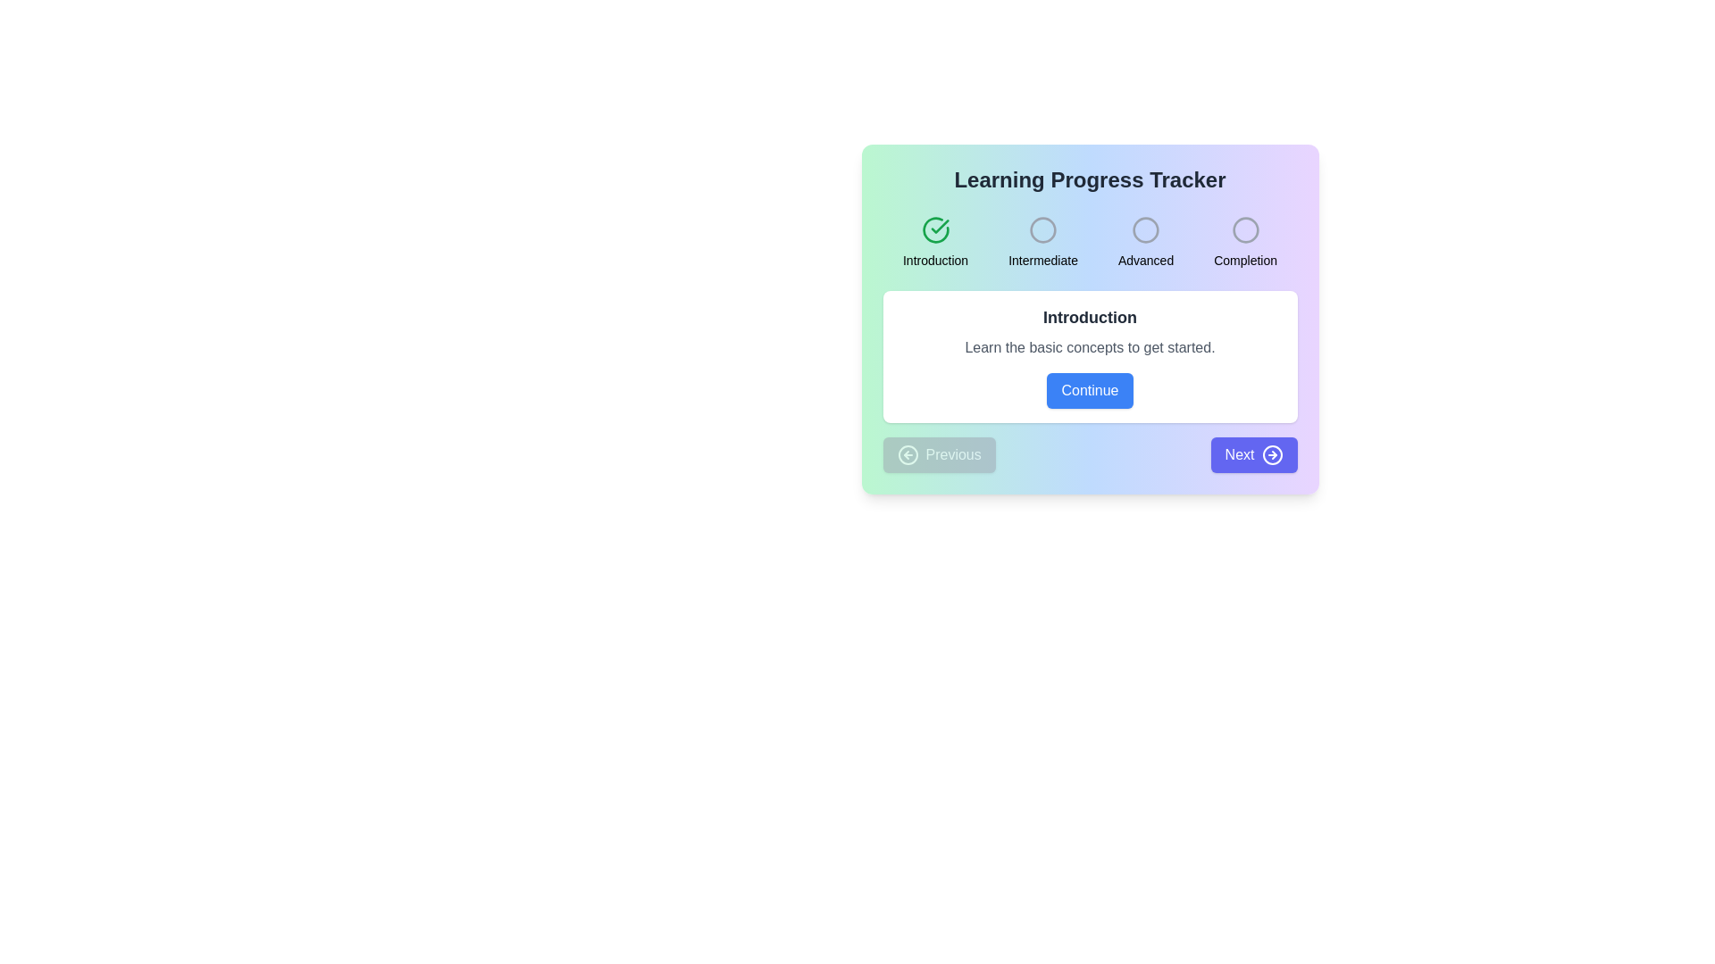 The width and height of the screenshot is (1715, 964). What do you see at coordinates (934, 261) in the screenshot?
I see `the text label that reads 'Introduction', which is styled with a greenish background and is located under the 'Learning Progress Tracker' title` at bounding box center [934, 261].